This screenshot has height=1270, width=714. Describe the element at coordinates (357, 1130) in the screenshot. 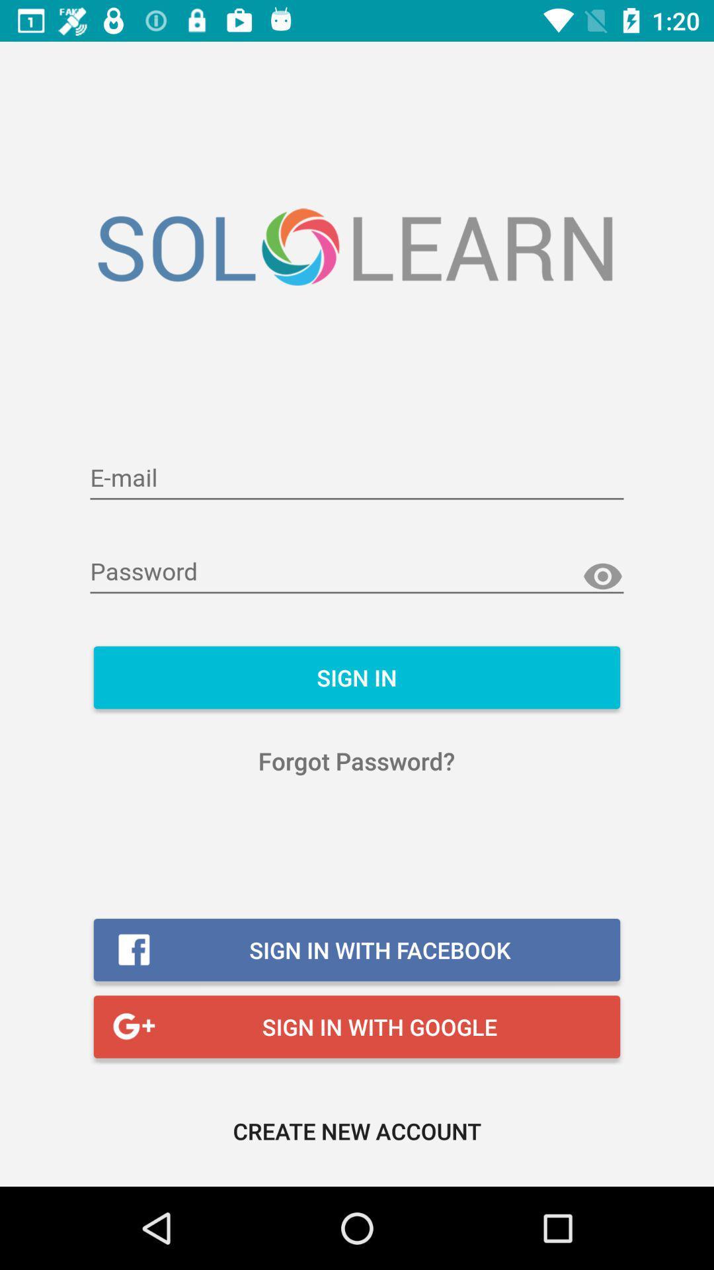

I see `item below the sign in with icon` at that location.